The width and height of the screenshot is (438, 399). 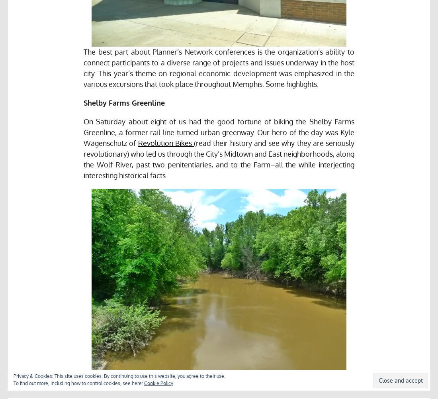 What do you see at coordinates (78, 383) in the screenshot?
I see `'To find out more, including how to control cookies, see here:'` at bounding box center [78, 383].